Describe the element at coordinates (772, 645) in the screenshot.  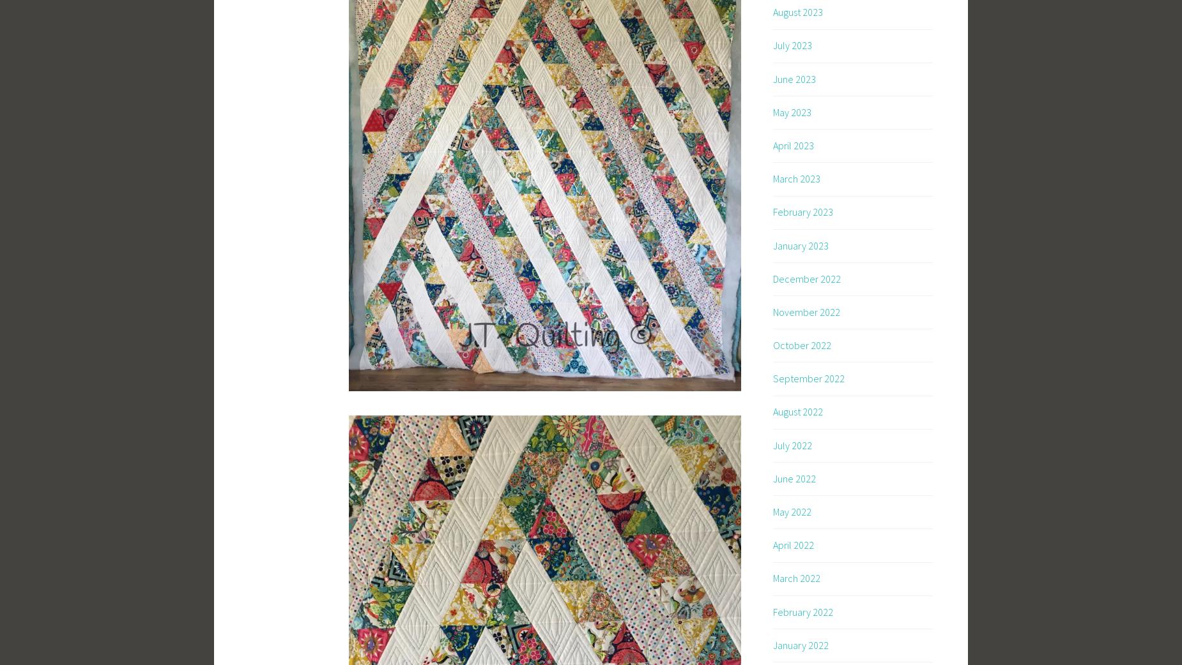
I see `'January 2022'` at that location.